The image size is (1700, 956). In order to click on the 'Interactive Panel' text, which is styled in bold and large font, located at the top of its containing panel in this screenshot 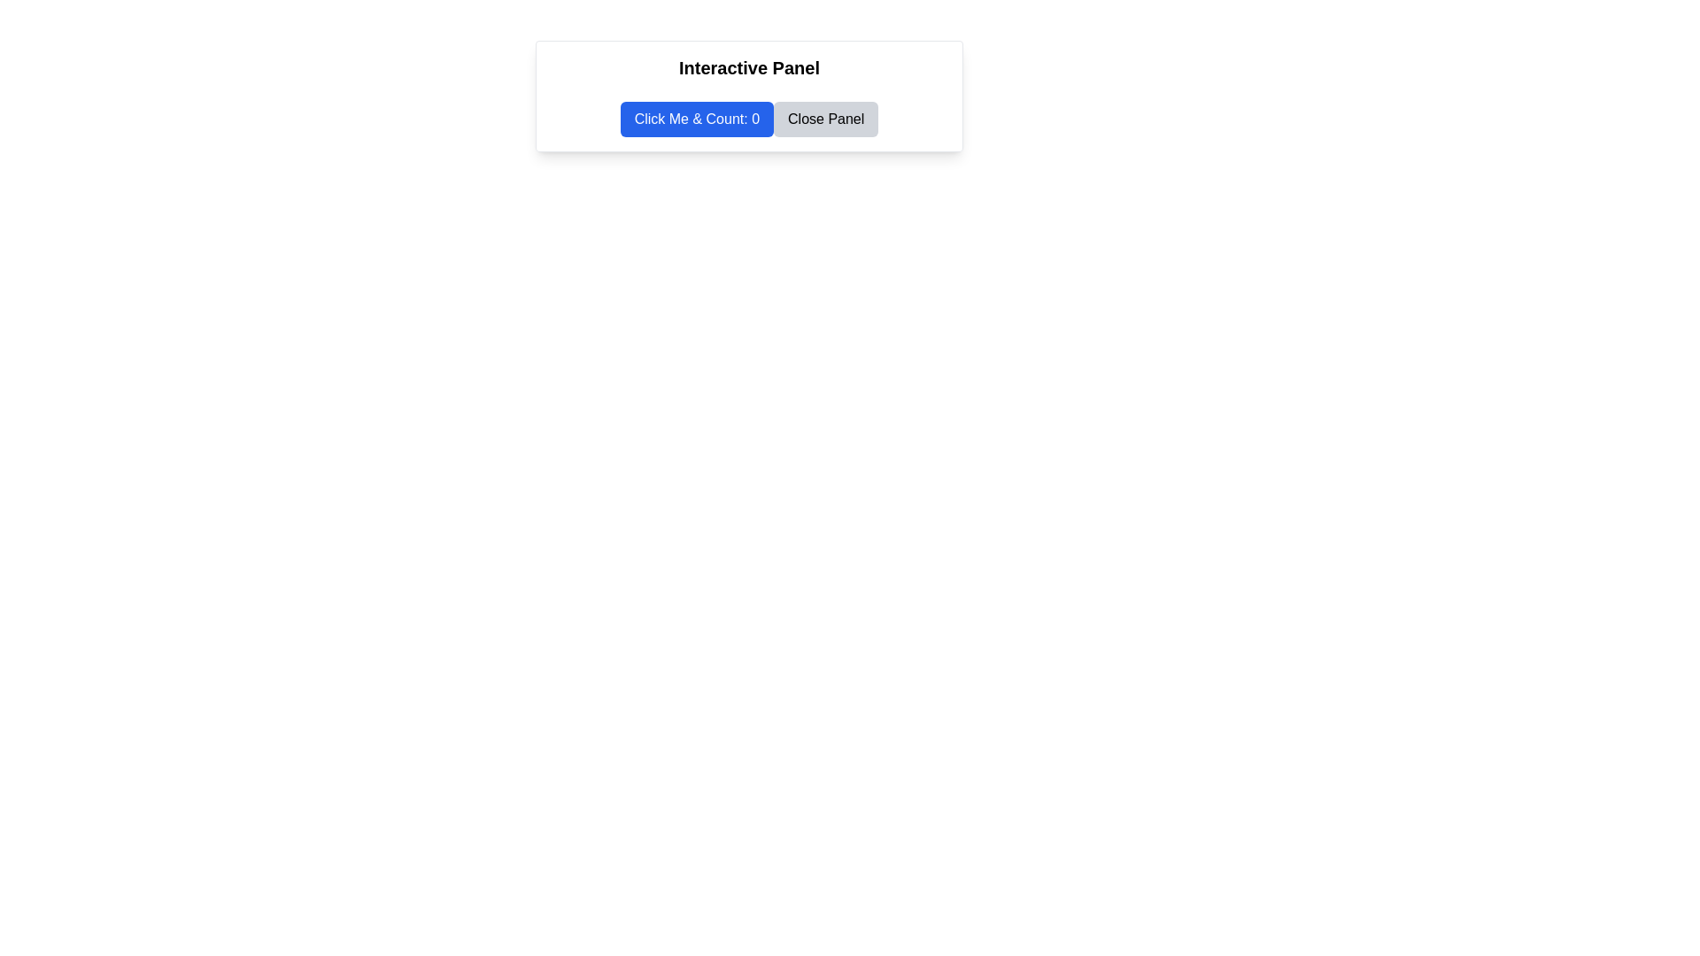, I will do `click(749, 67)`.